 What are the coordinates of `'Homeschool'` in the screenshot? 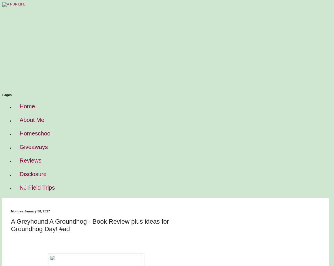 It's located at (35, 133).